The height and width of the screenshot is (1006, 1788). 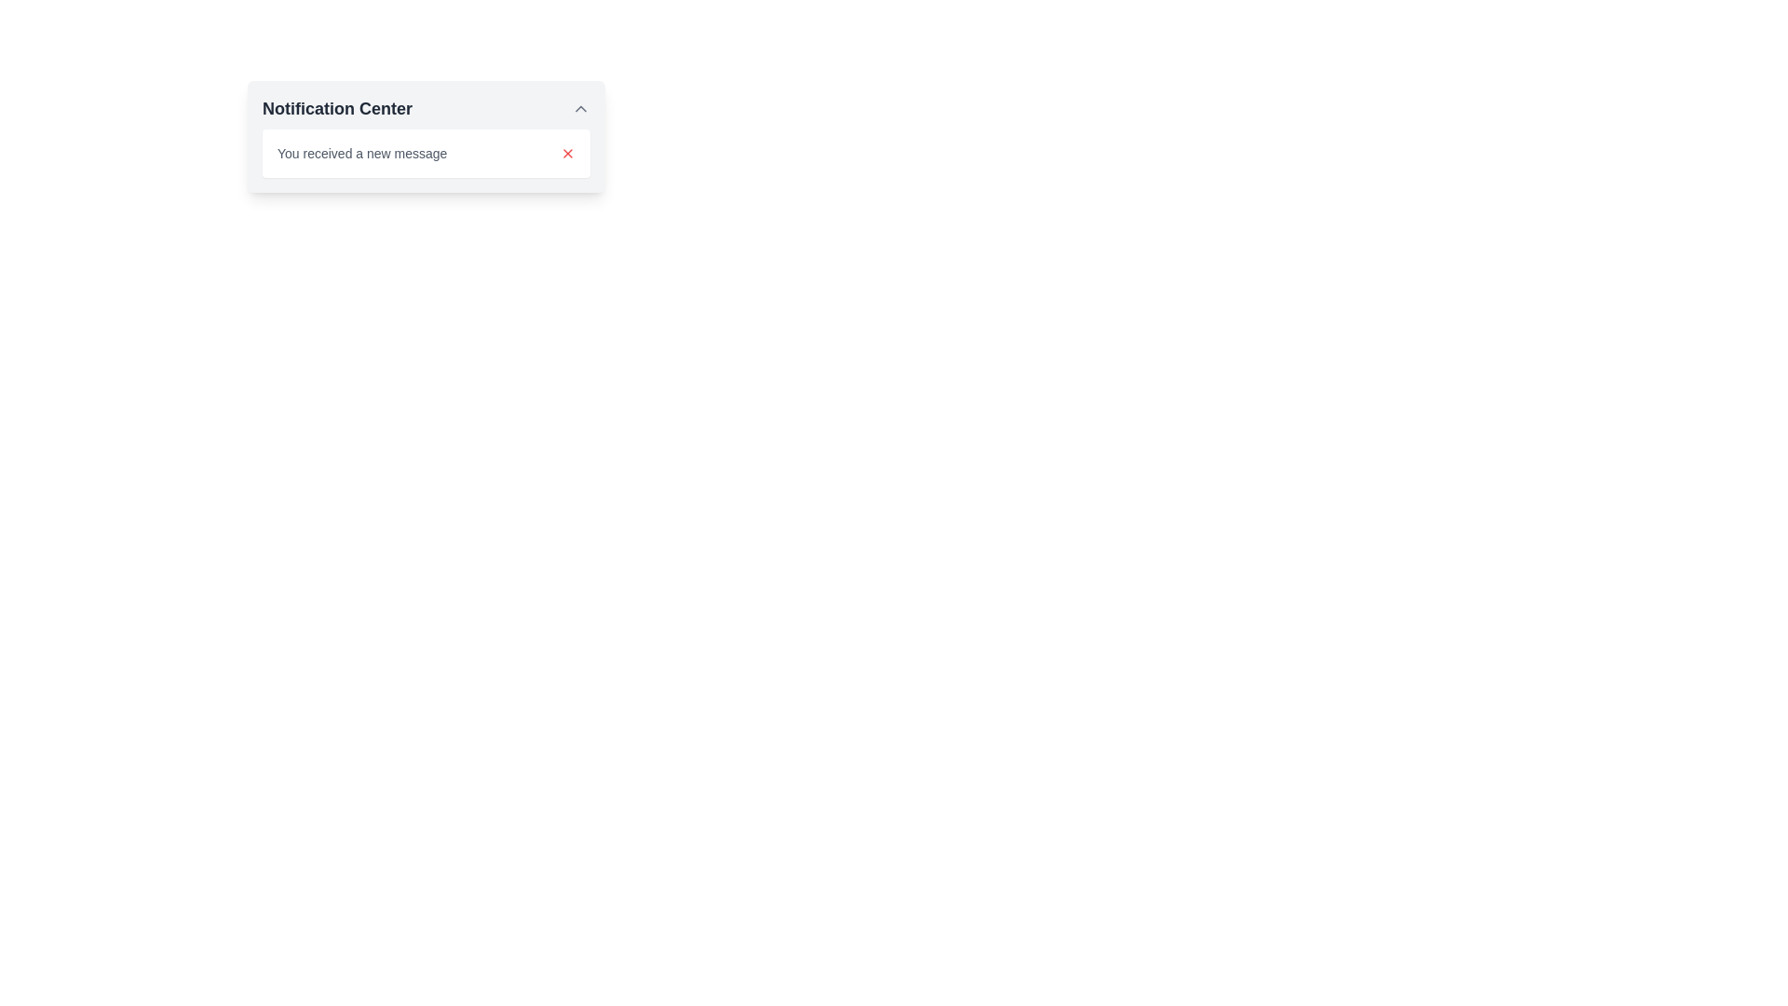 What do you see at coordinates (337, 108) in the screenshot?
I see `the Label that serves as the heading for the notification panel located at the top-left of the dropdown panel` at bounding box center [337, 108].